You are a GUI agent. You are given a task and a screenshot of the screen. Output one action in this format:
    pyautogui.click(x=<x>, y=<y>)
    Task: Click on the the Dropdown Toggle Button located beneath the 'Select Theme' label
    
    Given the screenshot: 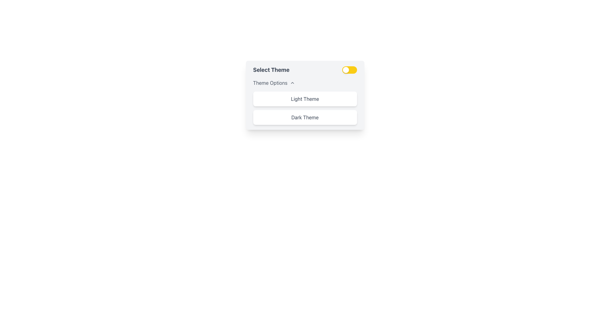 What is the action you would take?
    pyautogui.click(x=274, y=83)
    